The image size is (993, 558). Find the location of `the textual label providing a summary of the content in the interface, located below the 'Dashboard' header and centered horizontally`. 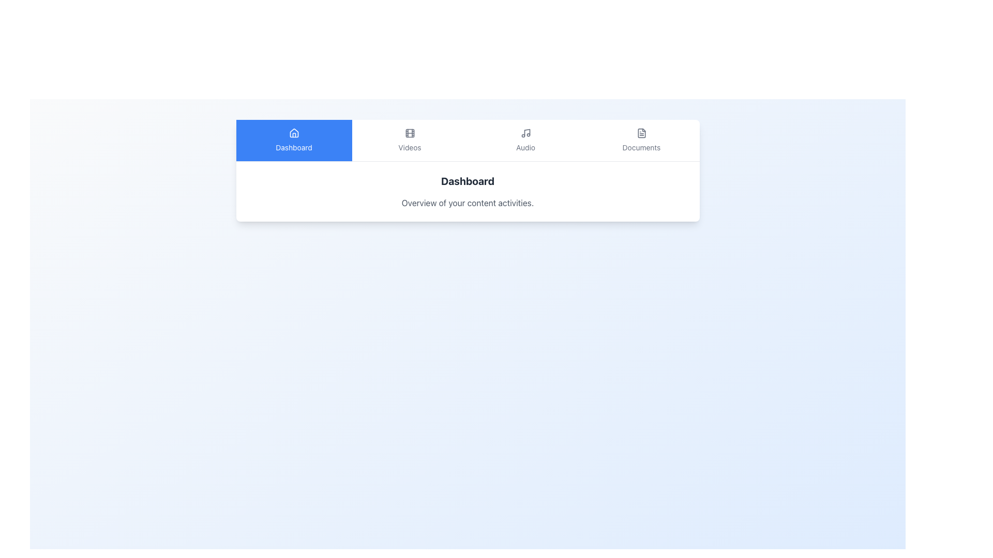

the textual label providing a summary of the content in the interface, located below the 'Dashboard' header and centered horizontally is located at coordinates (467, 203).